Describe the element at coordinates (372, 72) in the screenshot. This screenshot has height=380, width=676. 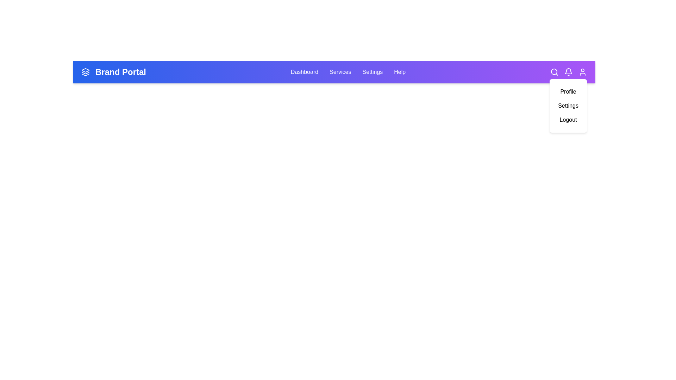
I see `the 'Settings' text link, which is styled in white text on a purple background and is part of the top navigation bar` at that location.